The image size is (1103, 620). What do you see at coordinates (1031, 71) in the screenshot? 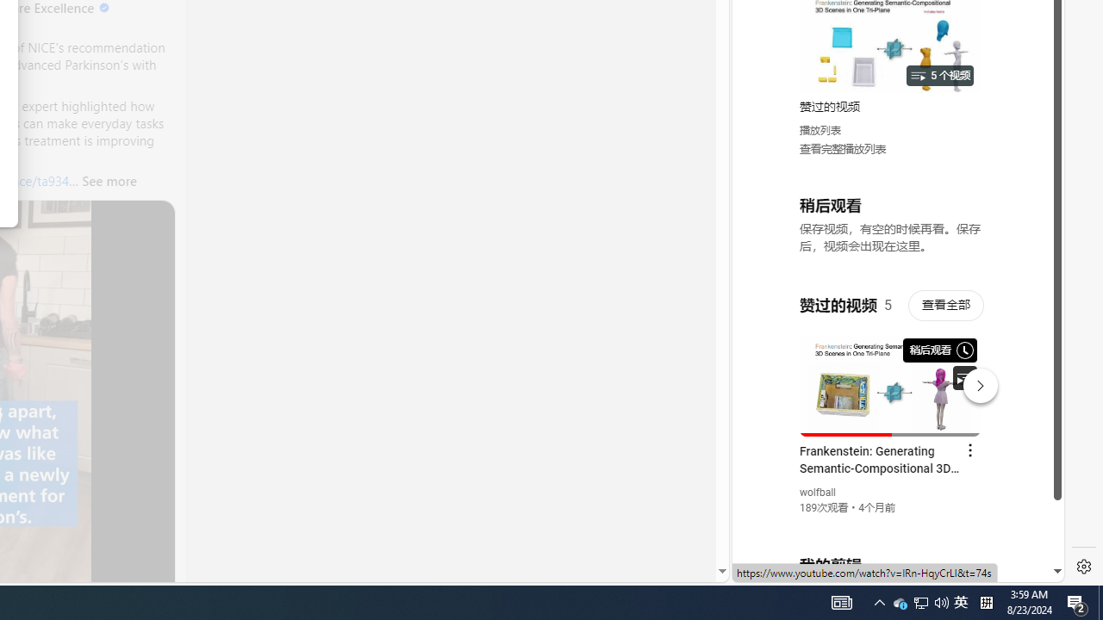
I see `'Click to scroll right'` at bounding box center [1031, 71].